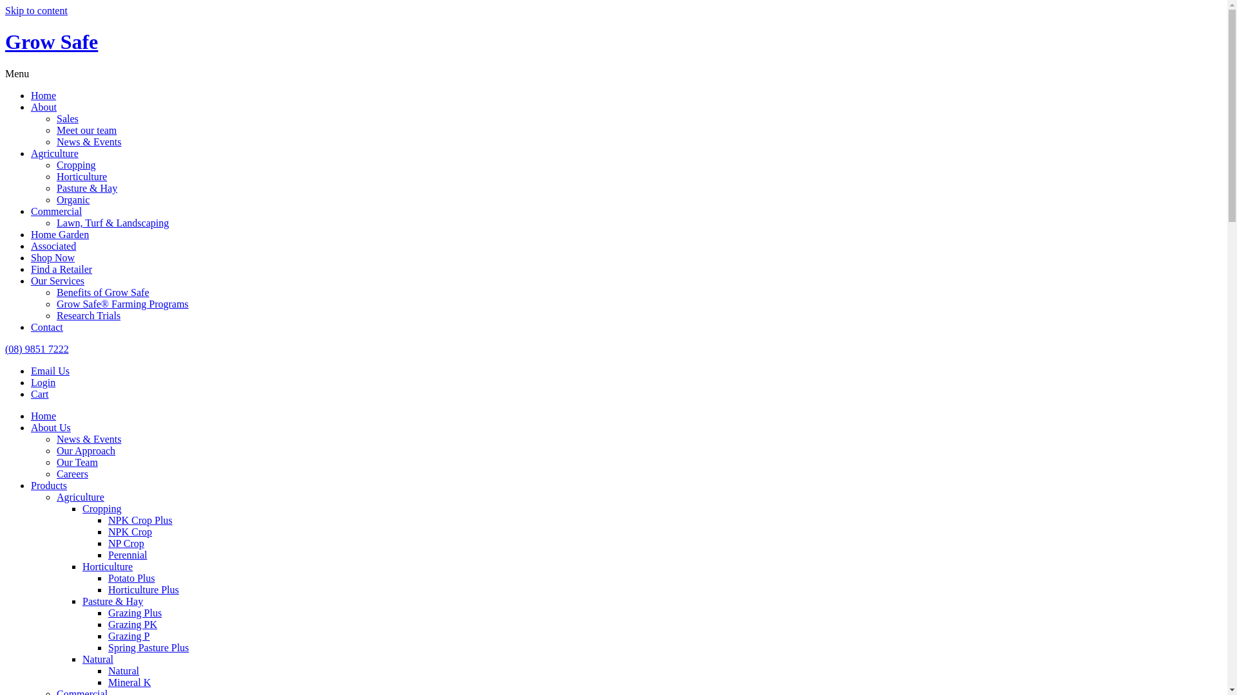 The image size is (1237, 695). Describe the element at coordinates (67, 118) in the screenshot. I see `'Sales'` at that location.